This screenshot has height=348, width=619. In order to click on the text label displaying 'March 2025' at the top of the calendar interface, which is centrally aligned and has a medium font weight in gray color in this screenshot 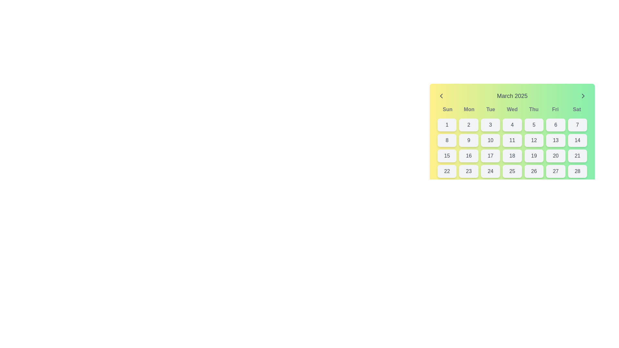, I will do `click(512, 96)`.